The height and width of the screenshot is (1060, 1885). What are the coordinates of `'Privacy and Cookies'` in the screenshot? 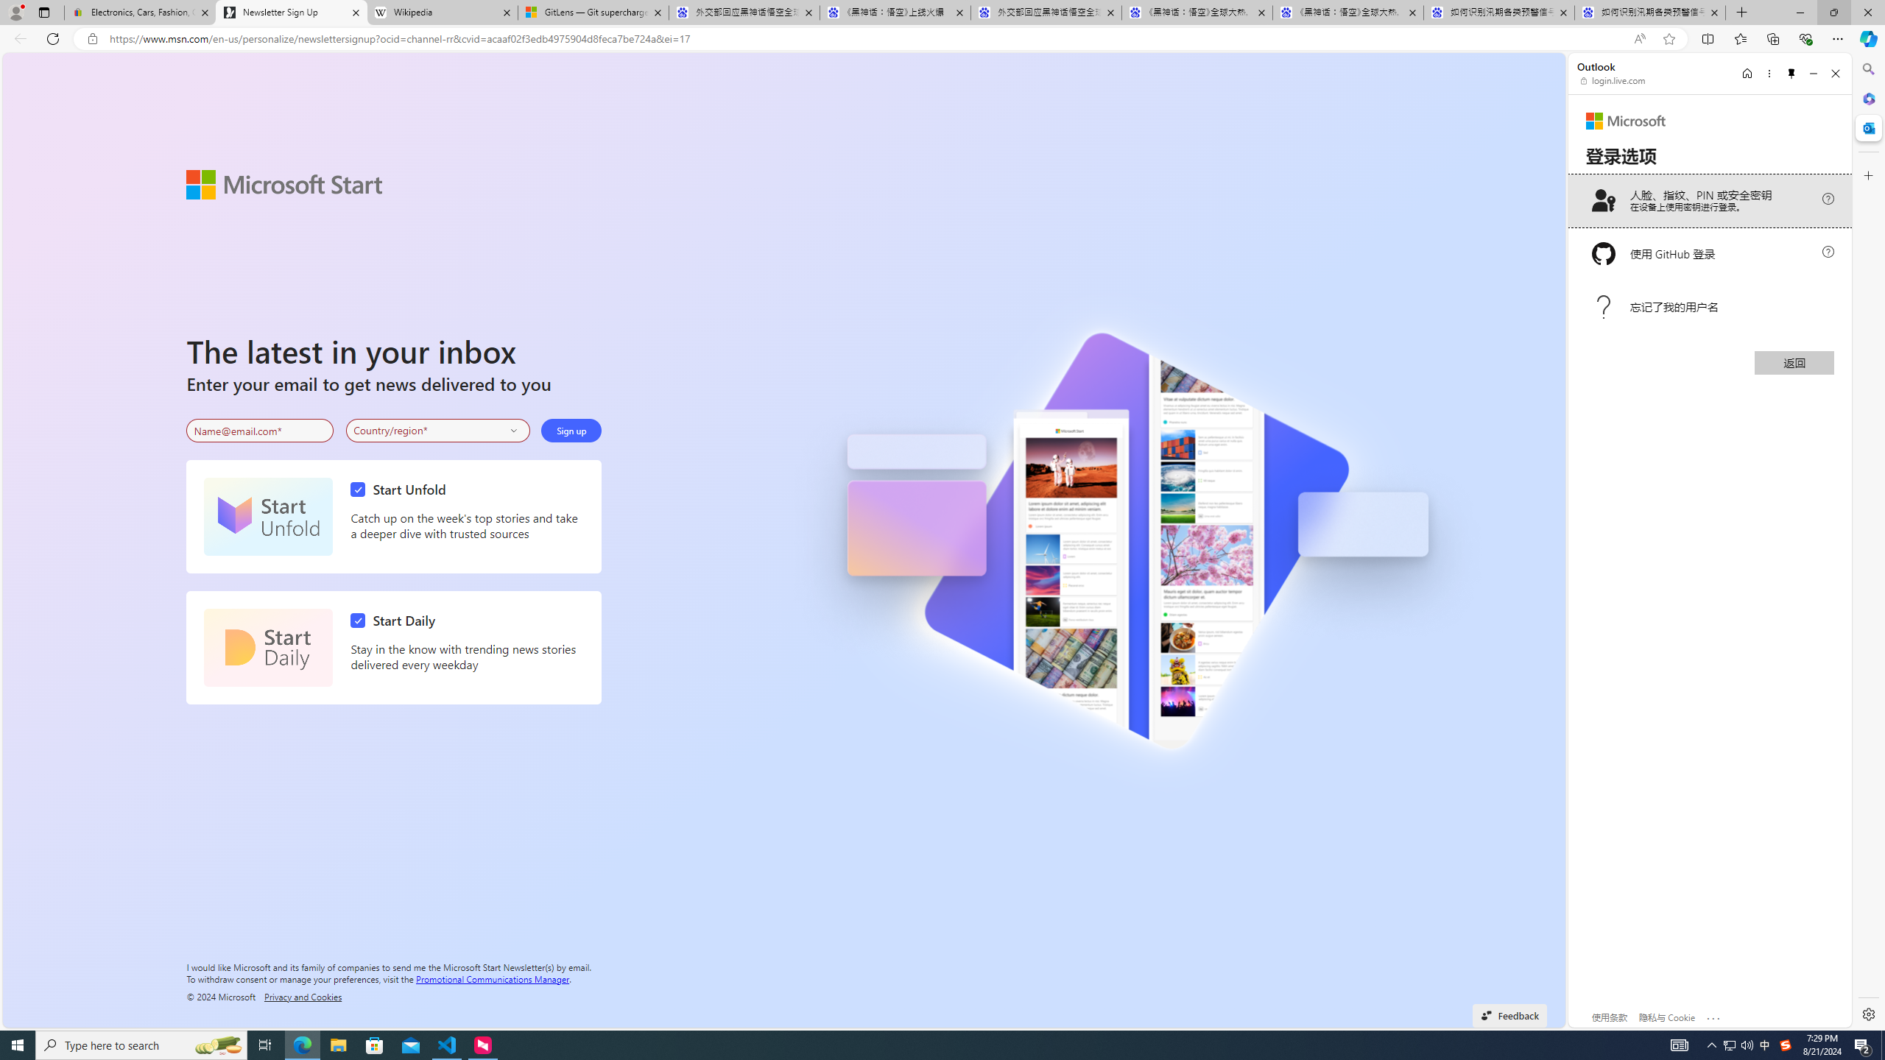 It's located at (303, 995).